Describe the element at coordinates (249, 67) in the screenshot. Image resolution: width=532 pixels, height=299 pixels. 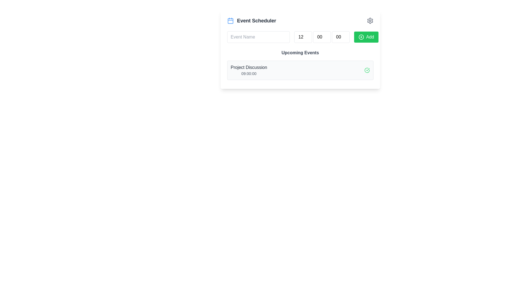
I see `the static text label displaying the title or name of a scheduled event located under the 'Upcoming Events' heading` at that location.